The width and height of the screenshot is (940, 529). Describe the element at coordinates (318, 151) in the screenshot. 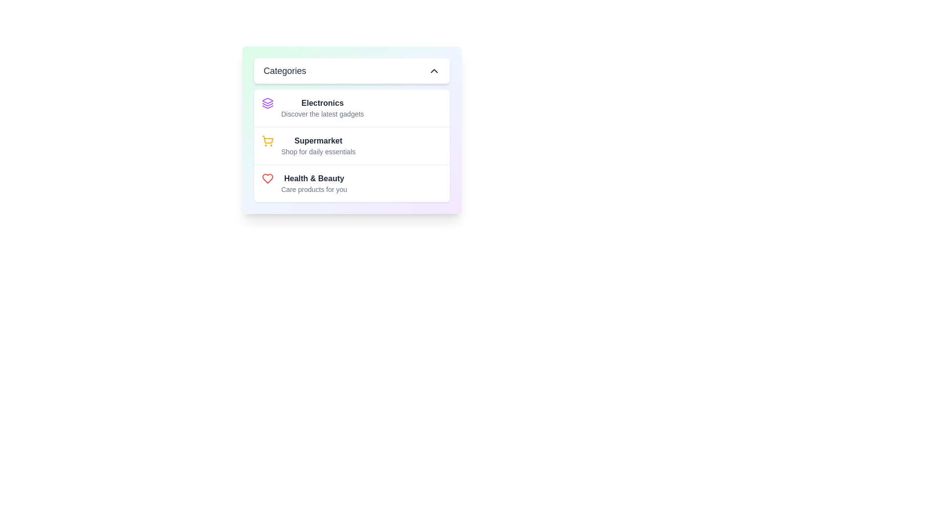

I see `the text label that reads 'Shop for daily essentials', which is a gray, left-aligned text located directly below the 'Supermarket' label in the 'Categories' list` at that location.